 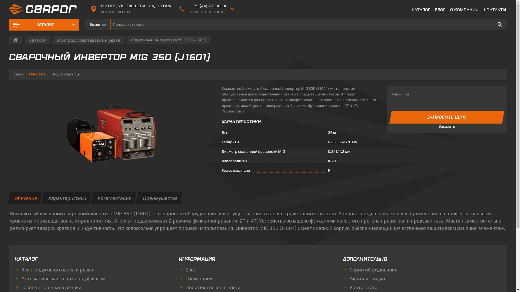 What do you see at coordinates (189, 6) in the screenshot?
I see `'+375 (44) 765 43 38'` at bounding box center [189, 6].